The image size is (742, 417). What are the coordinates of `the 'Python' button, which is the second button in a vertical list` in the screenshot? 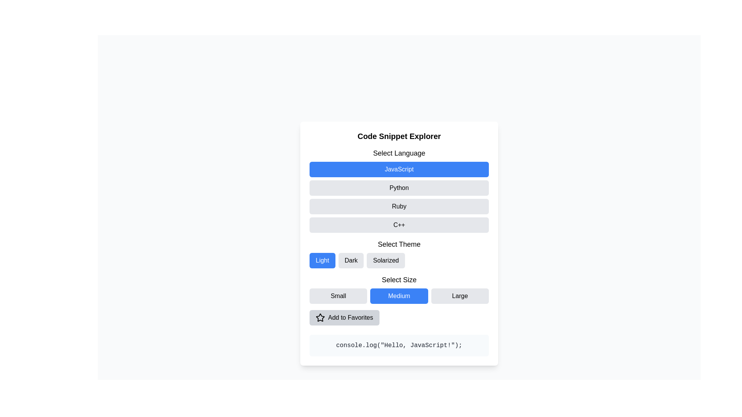 It's located at (399, 188).